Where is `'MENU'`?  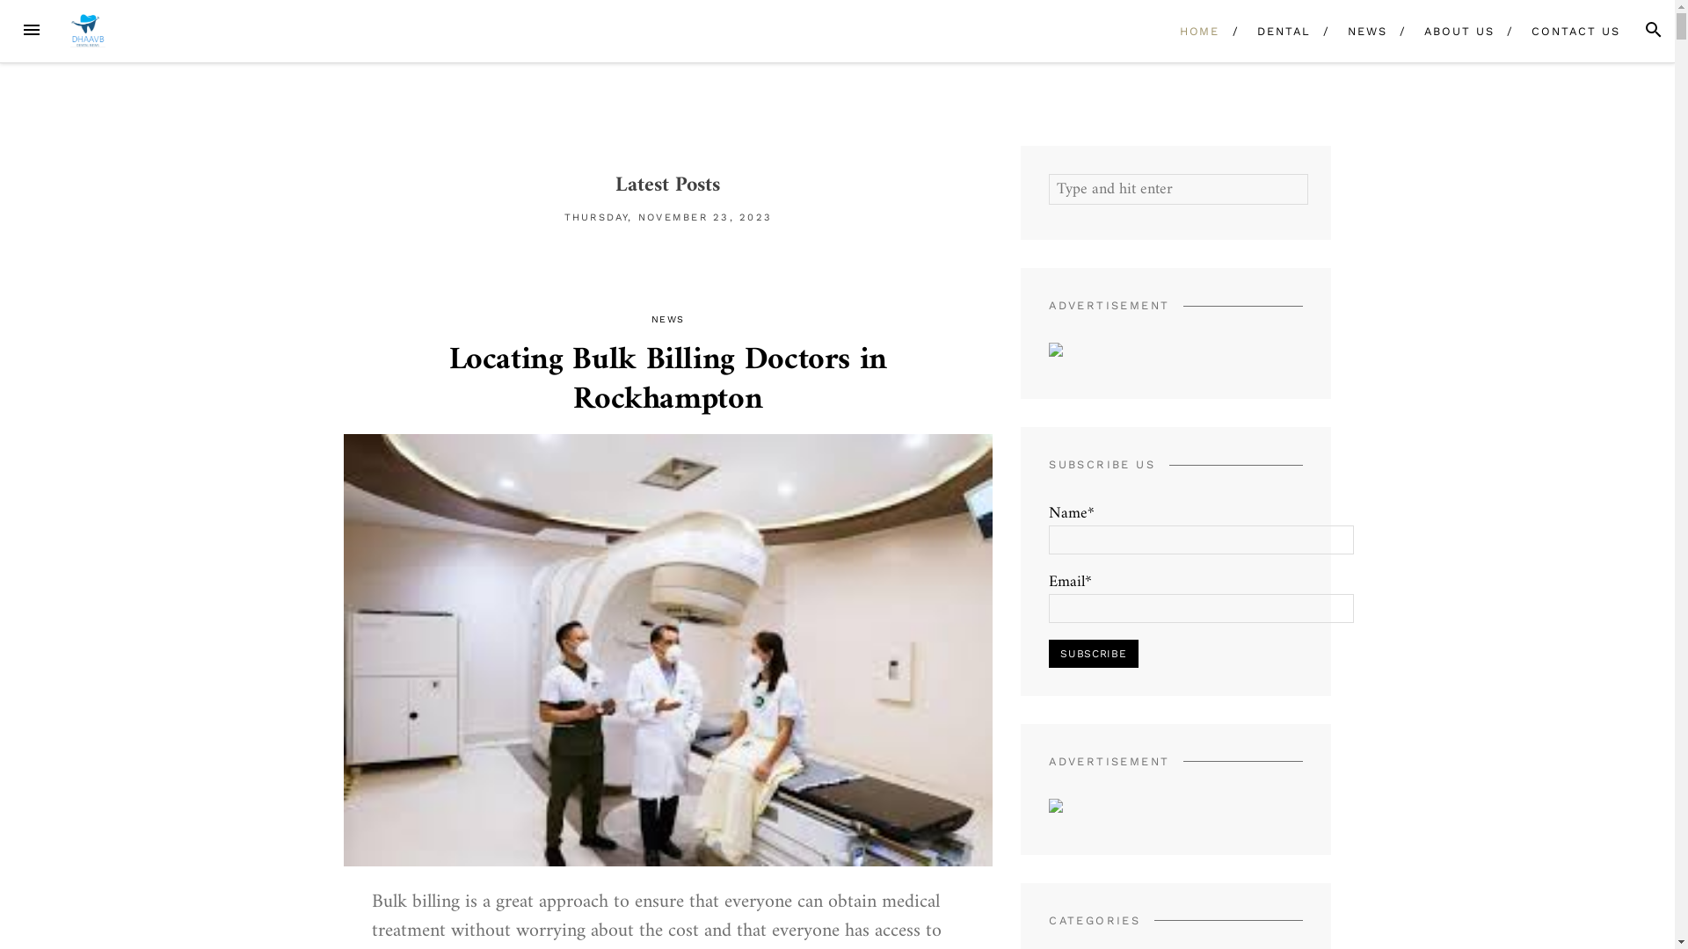 'MENU' is located at coordinates (31, 30).